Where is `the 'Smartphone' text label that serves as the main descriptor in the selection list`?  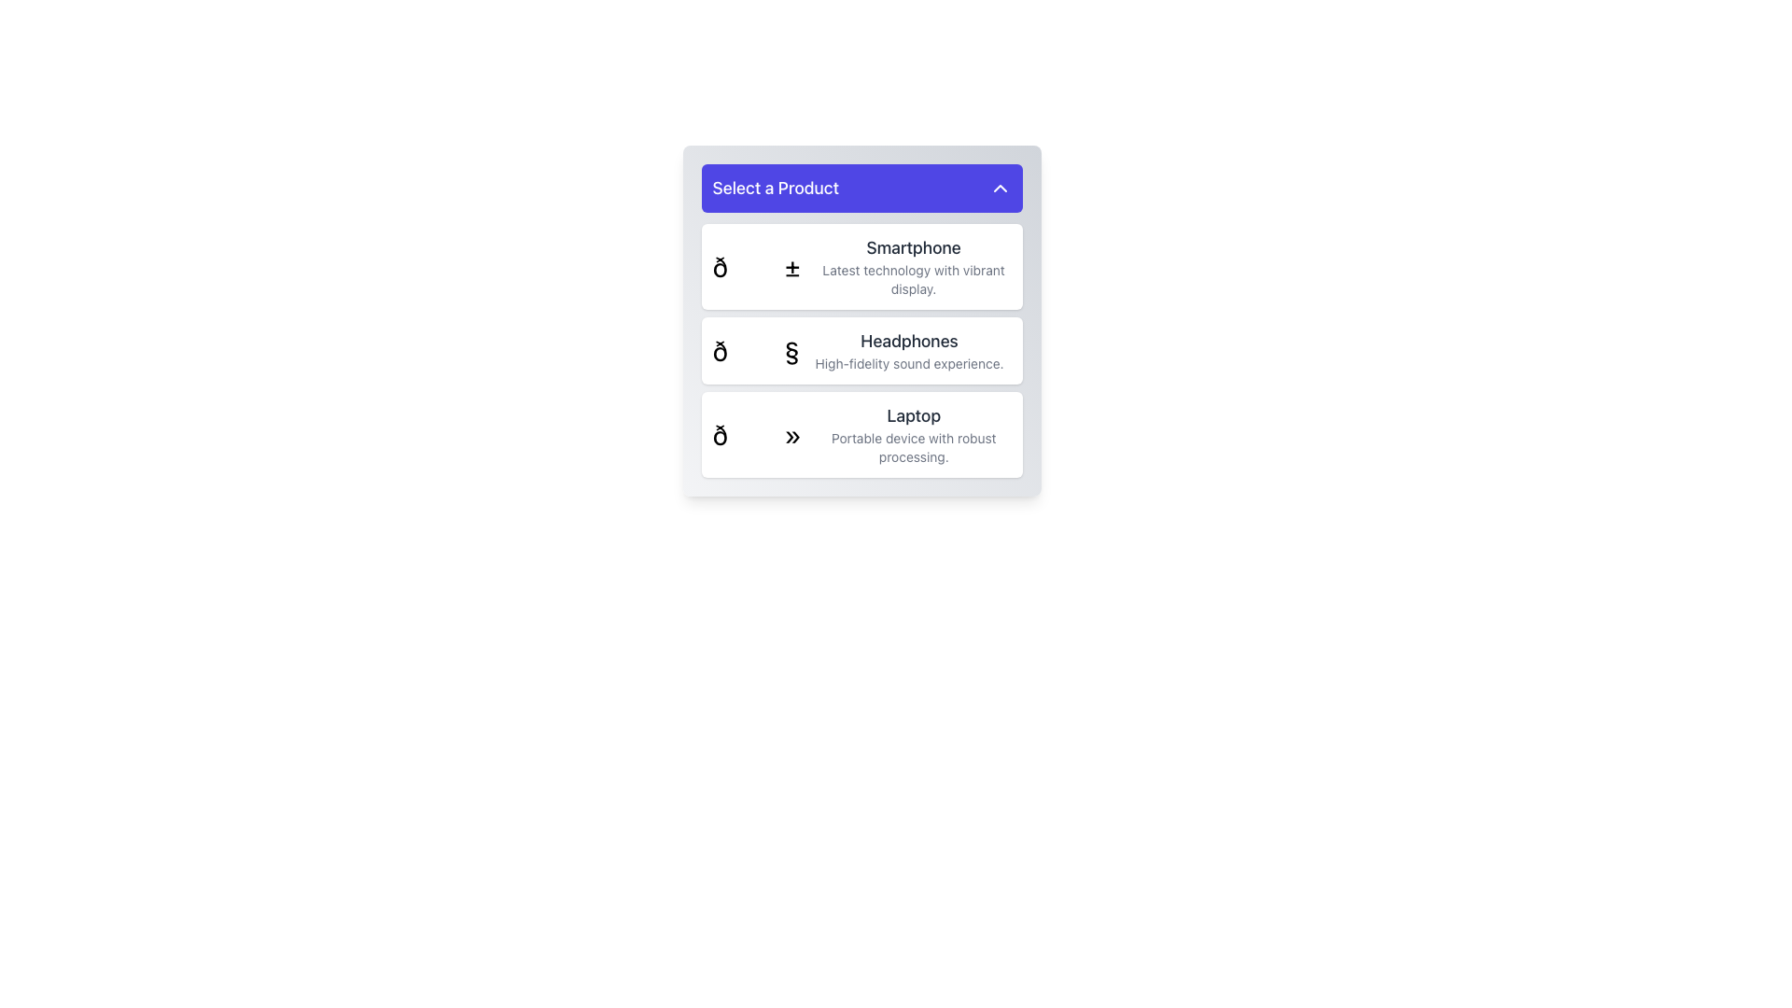
the 'Smartphone' text label that serves as the main descriptor in the selection list is located at coordinates (914, 247).